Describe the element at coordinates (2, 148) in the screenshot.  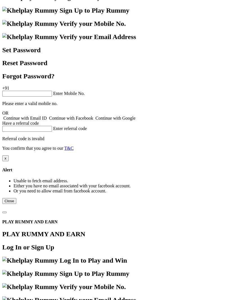
I see `'You confirm that you agree to our'` at that location.